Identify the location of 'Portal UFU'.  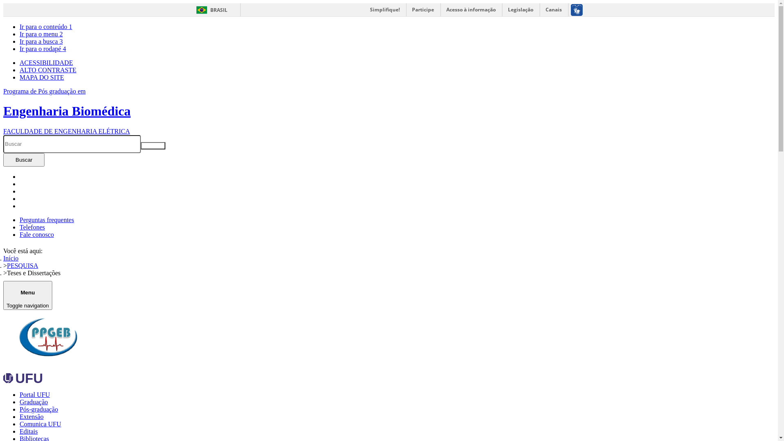
(20, 394).